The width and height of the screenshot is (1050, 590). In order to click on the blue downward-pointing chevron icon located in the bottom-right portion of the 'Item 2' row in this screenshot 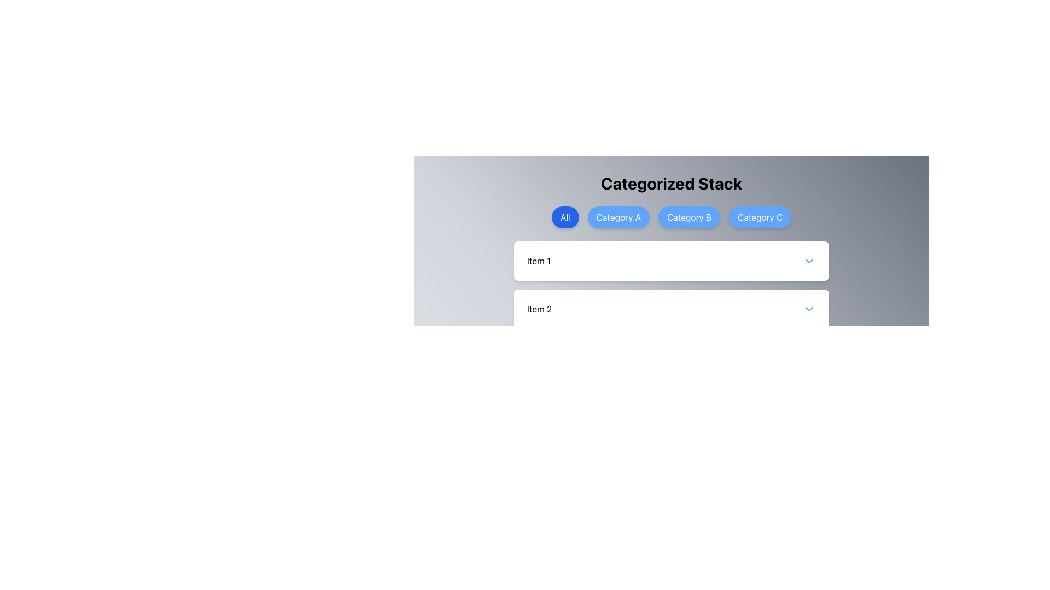, I will do `click(809, 309)`.